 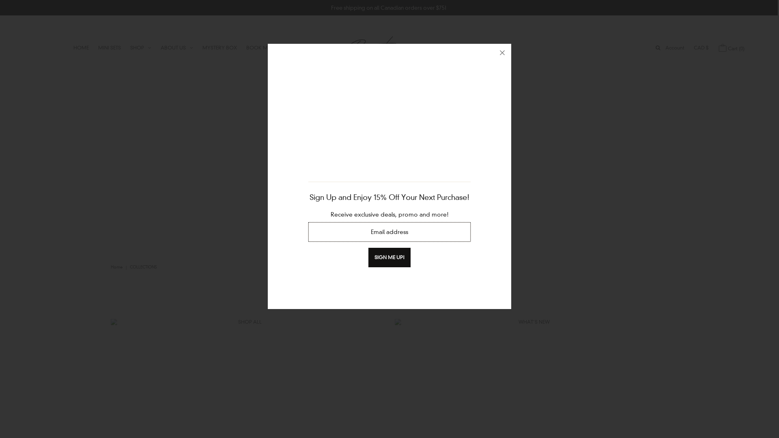 What do you see at coordinates (732, 48) in the screenshot?
I see `'Cart (0)'` at bounding box center [732, 48].